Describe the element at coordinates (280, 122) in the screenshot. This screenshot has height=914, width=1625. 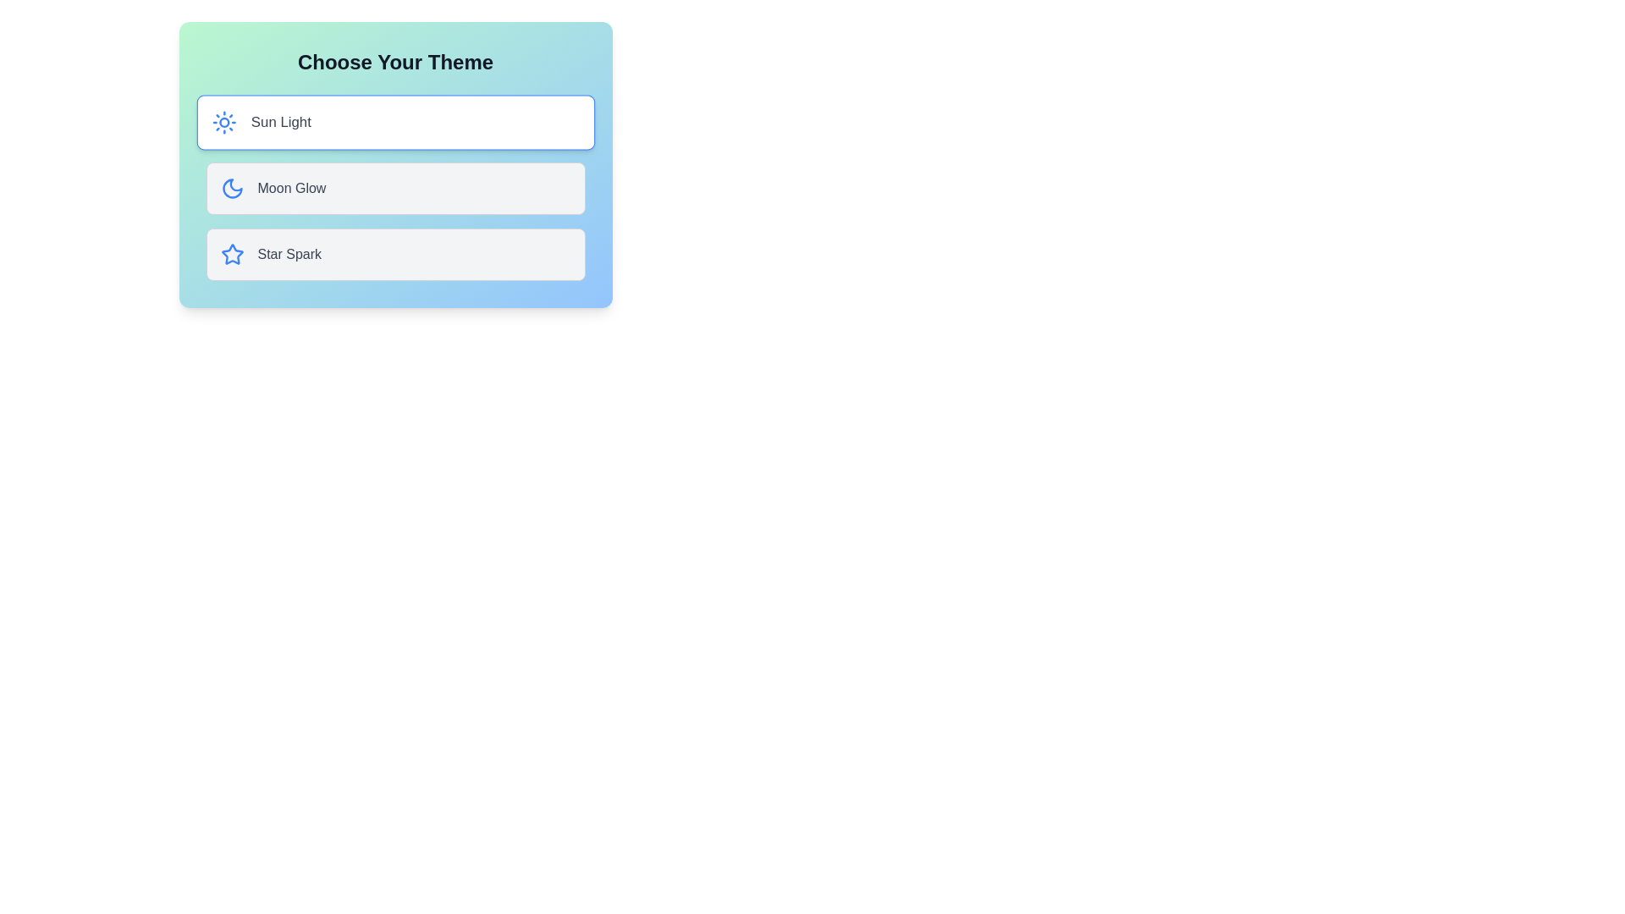
I see `text label indicating the 'Sun Light' option in the theme selection menu, which is the first option in a vertical list and accompanied by a blue sun icon` at that location.